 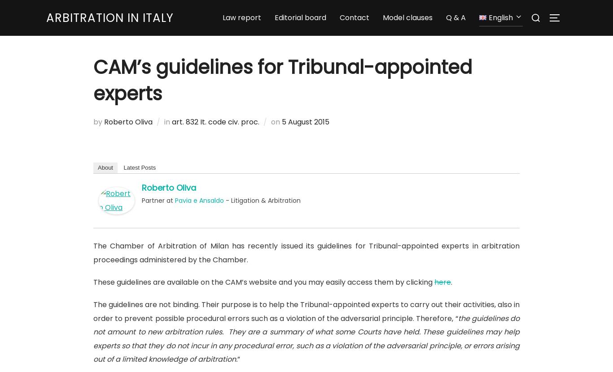 I want to click on 'Pavia e Ansaldo', so click(x=199, y=200).